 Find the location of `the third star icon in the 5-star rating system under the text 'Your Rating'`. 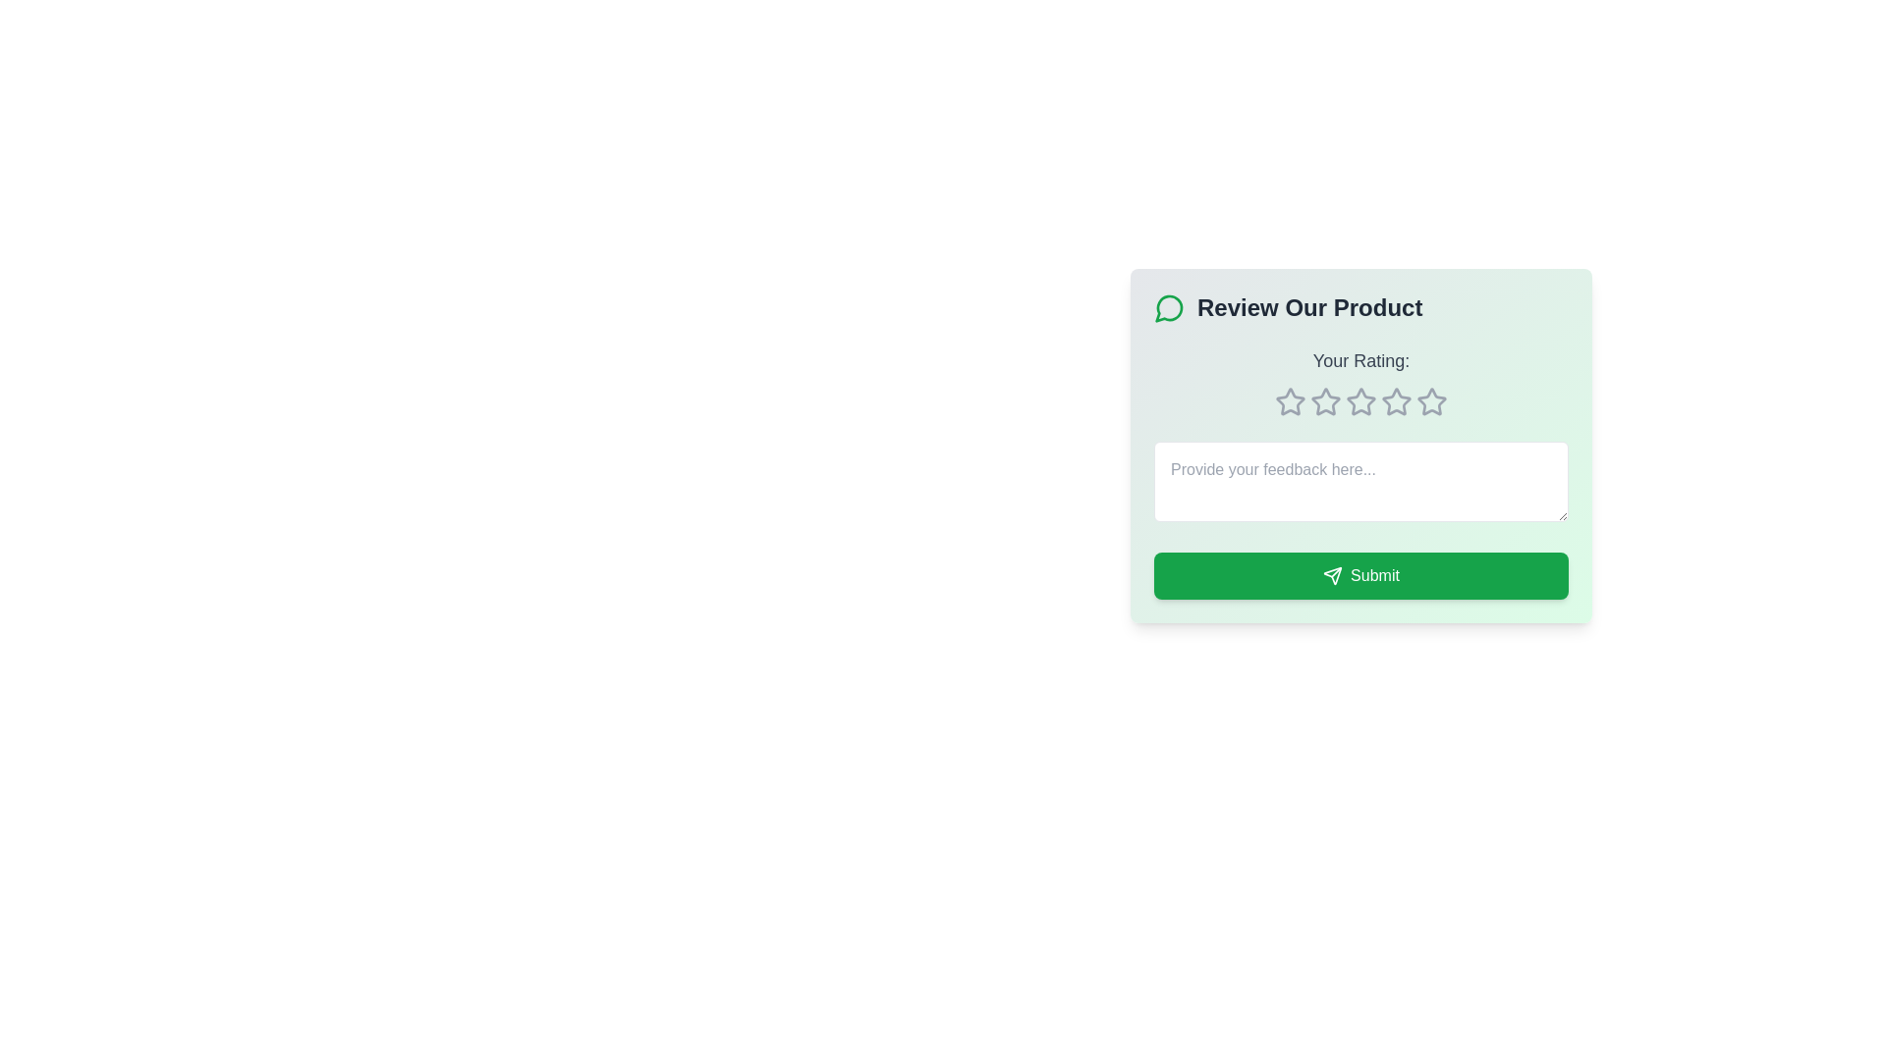

the third star icon in the 5-star rating system under the text 'Your Rating' is located at coordinates (1395, 400).